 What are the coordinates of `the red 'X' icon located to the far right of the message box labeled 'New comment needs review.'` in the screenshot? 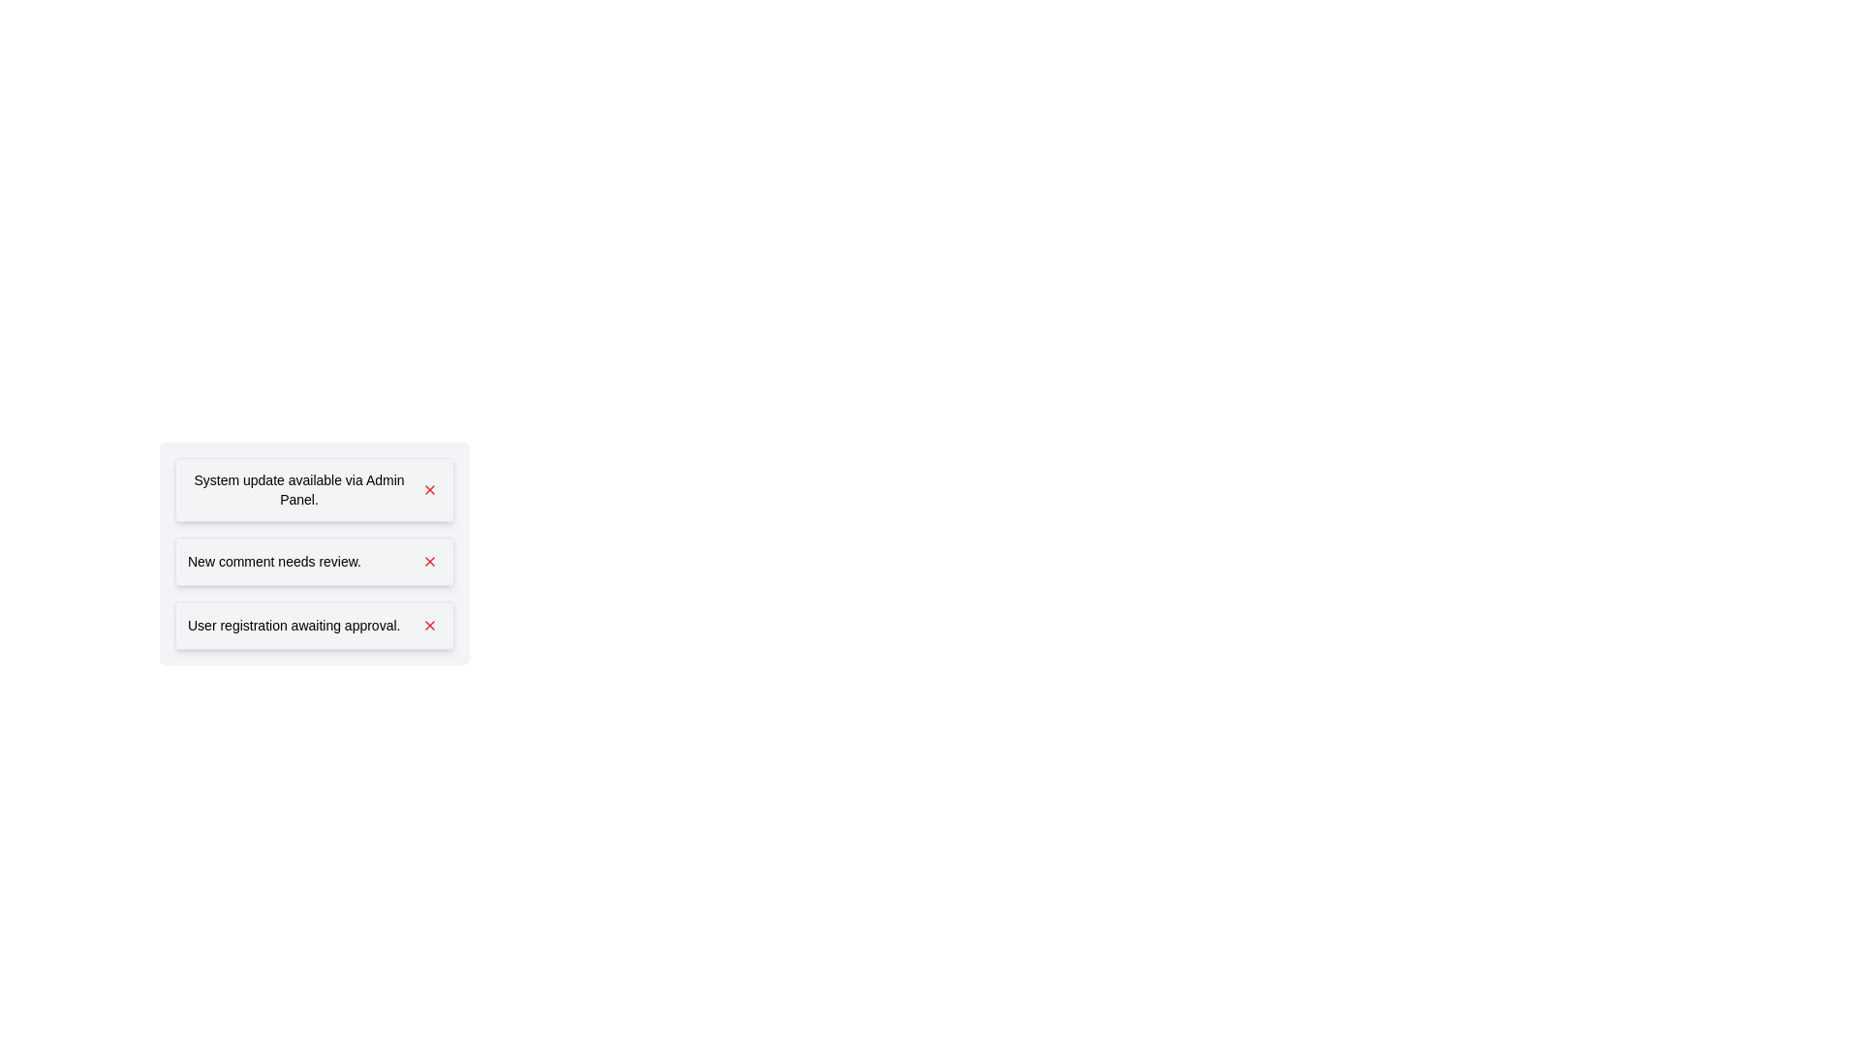 It's located at (429, 561).